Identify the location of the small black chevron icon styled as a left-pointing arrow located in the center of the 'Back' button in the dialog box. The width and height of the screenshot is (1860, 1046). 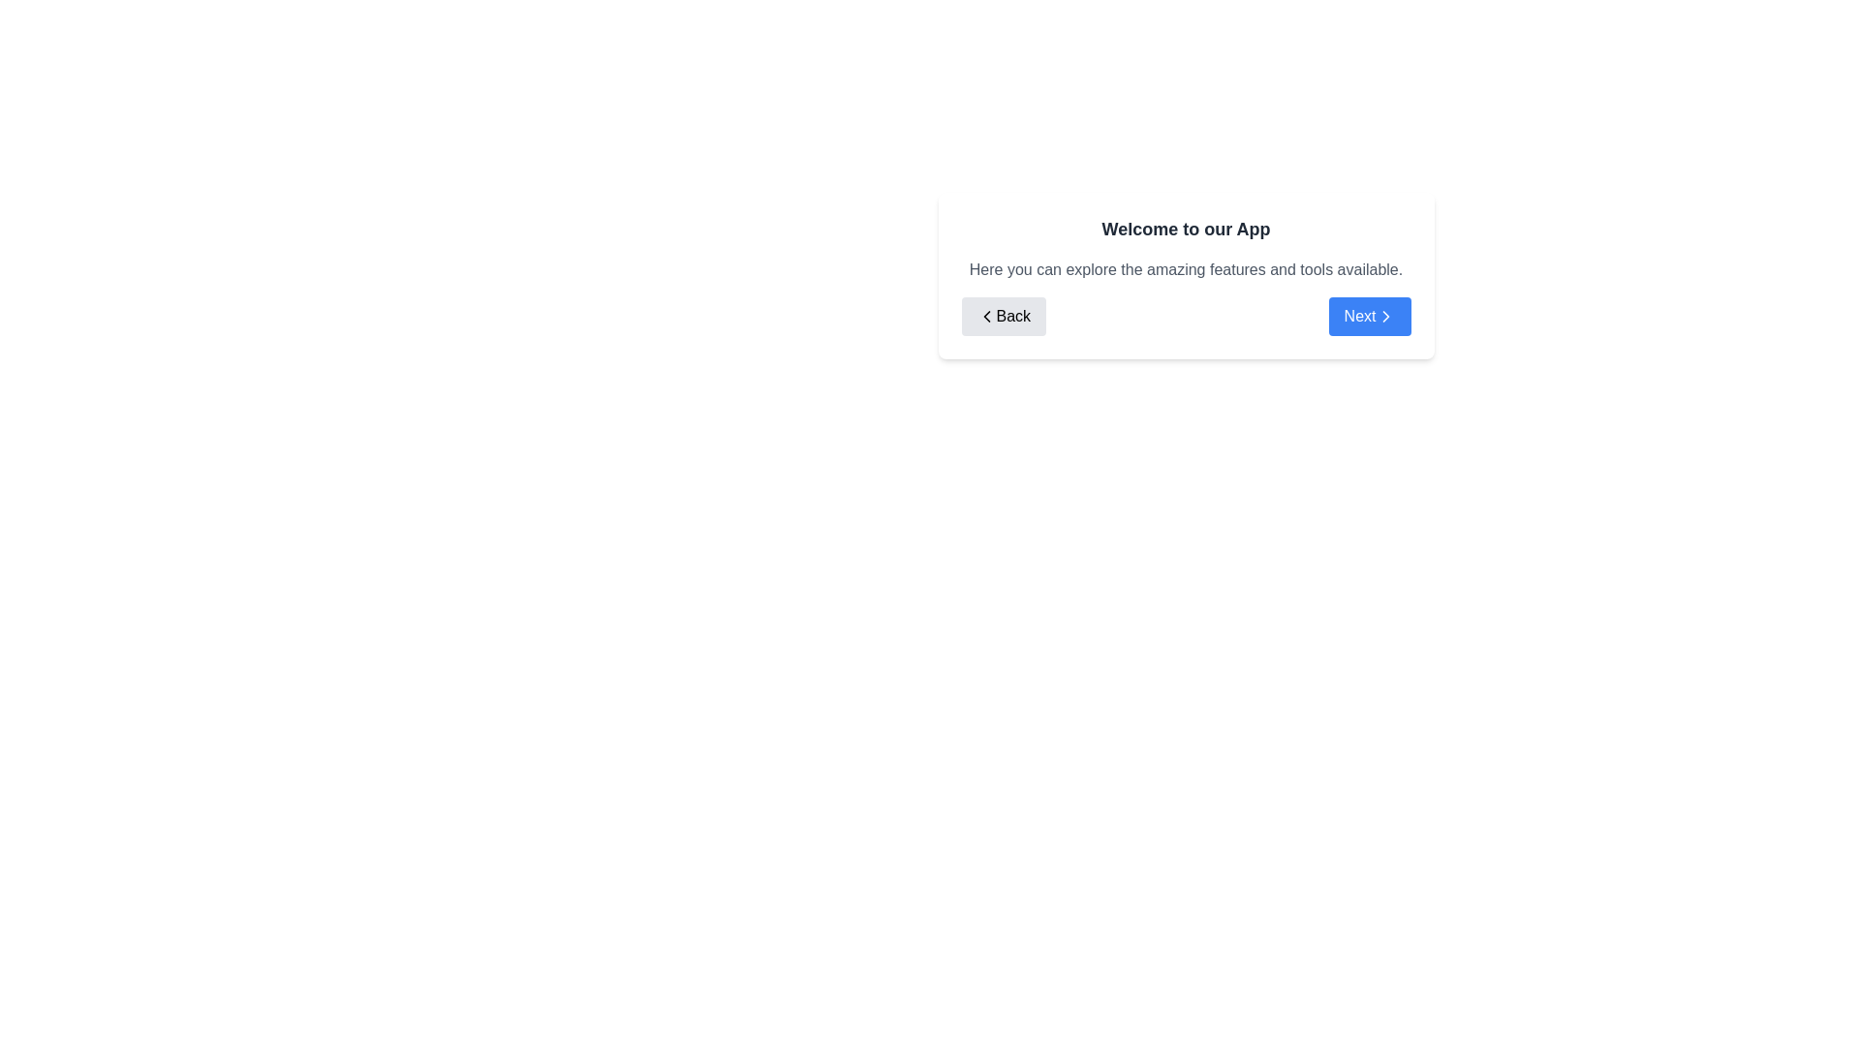
(986, 316).